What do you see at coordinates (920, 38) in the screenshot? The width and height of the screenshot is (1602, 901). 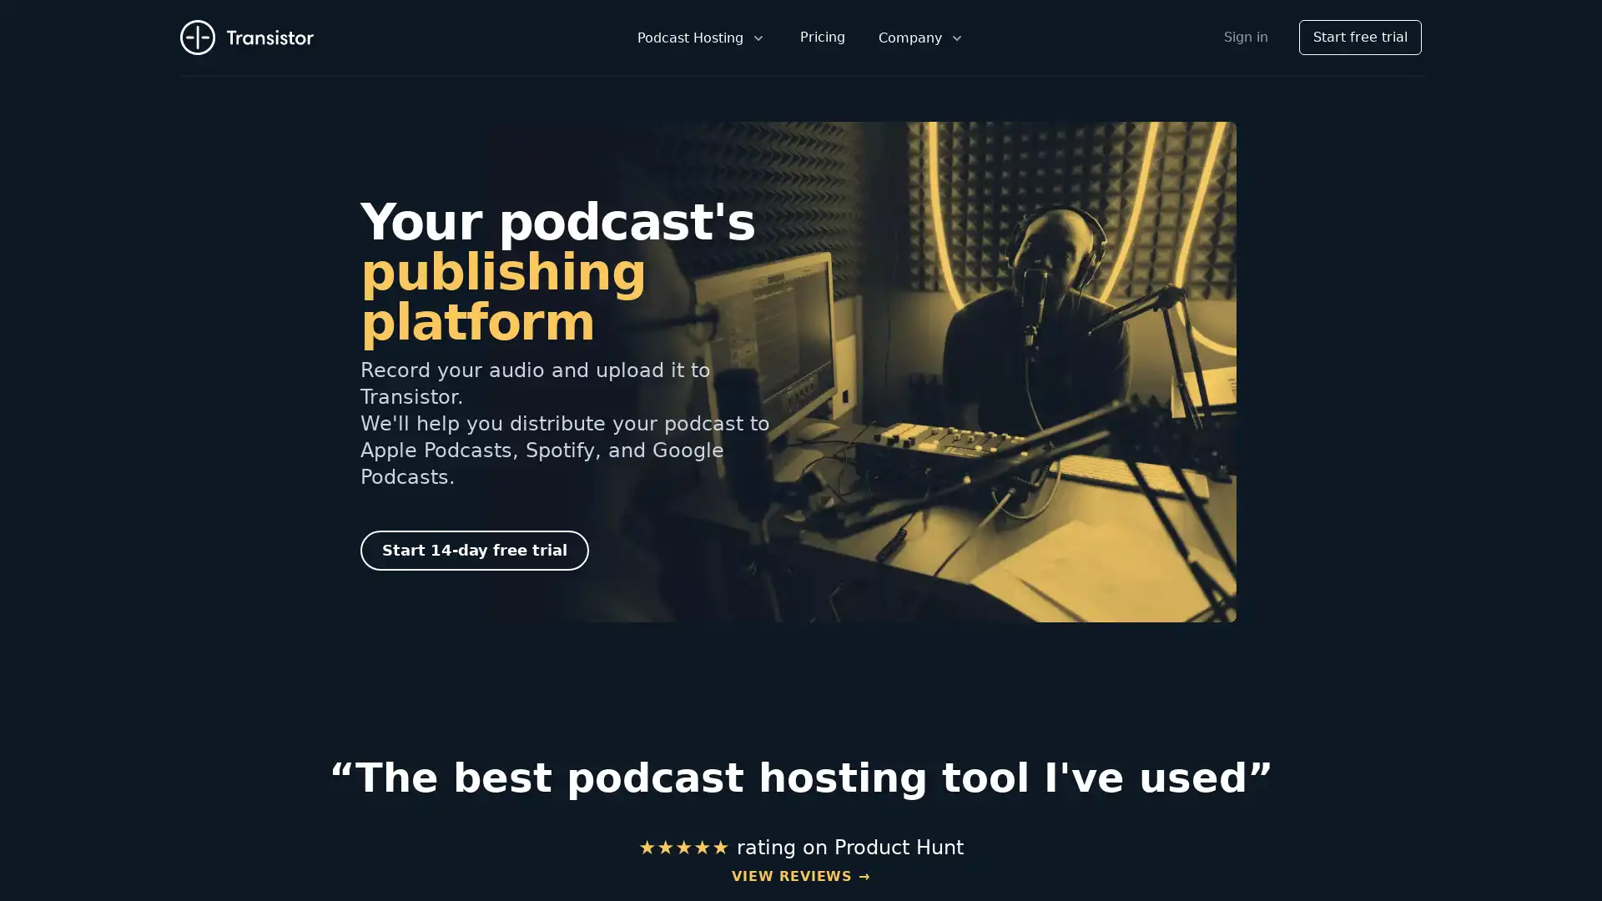 I see `Company` at bounding box center [920, 38].